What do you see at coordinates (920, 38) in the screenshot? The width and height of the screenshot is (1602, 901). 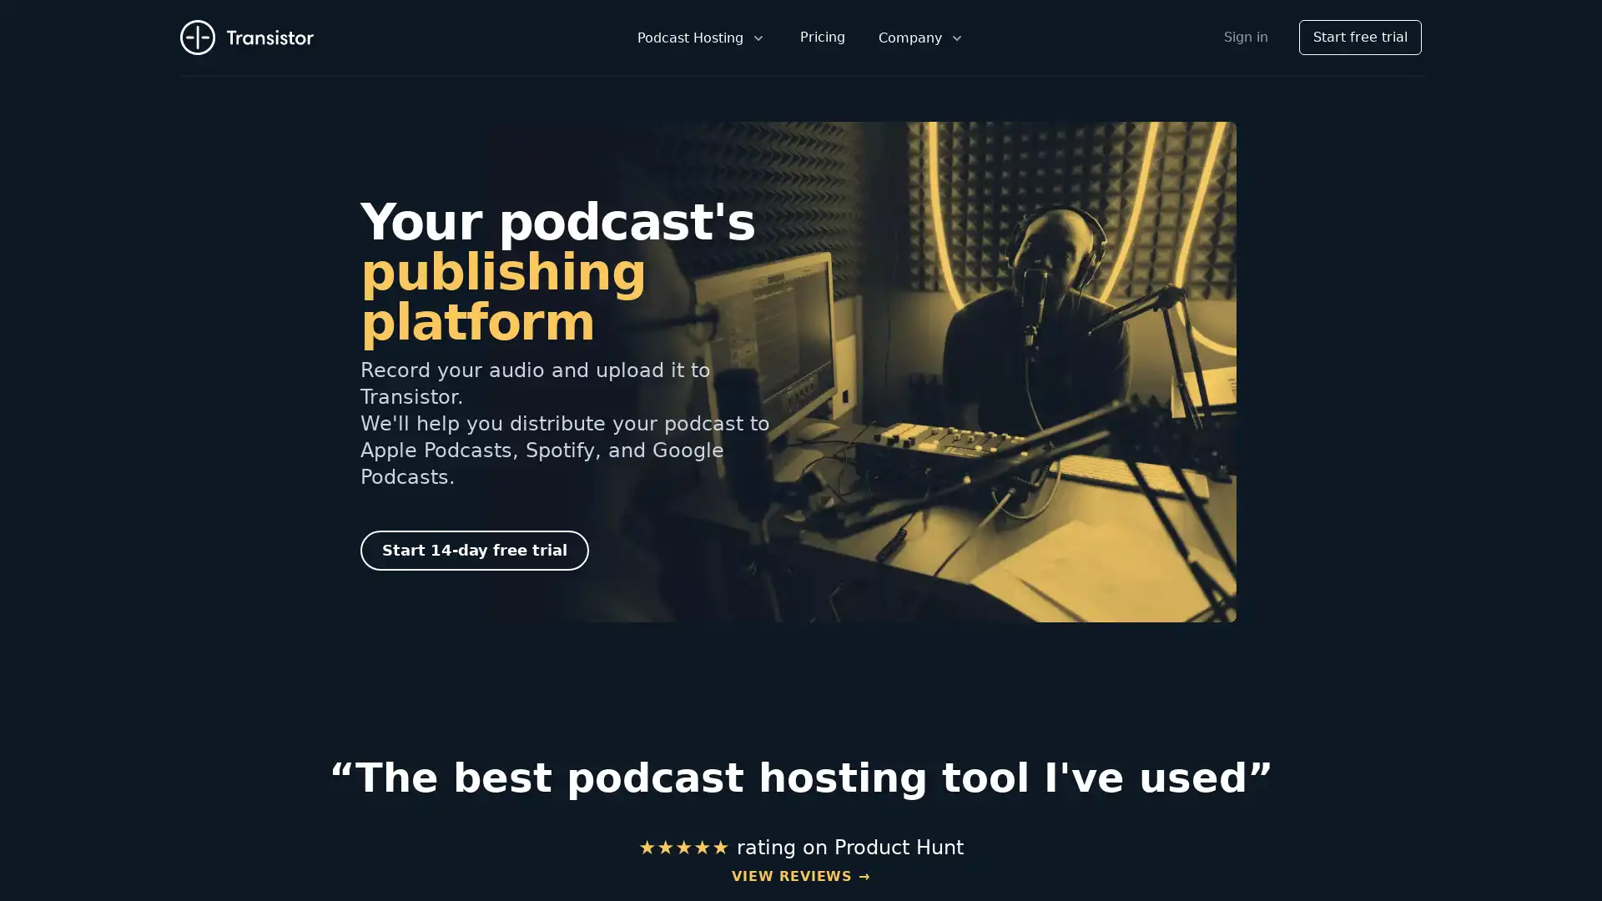 I see `Company` at bounding box center [920, 38].